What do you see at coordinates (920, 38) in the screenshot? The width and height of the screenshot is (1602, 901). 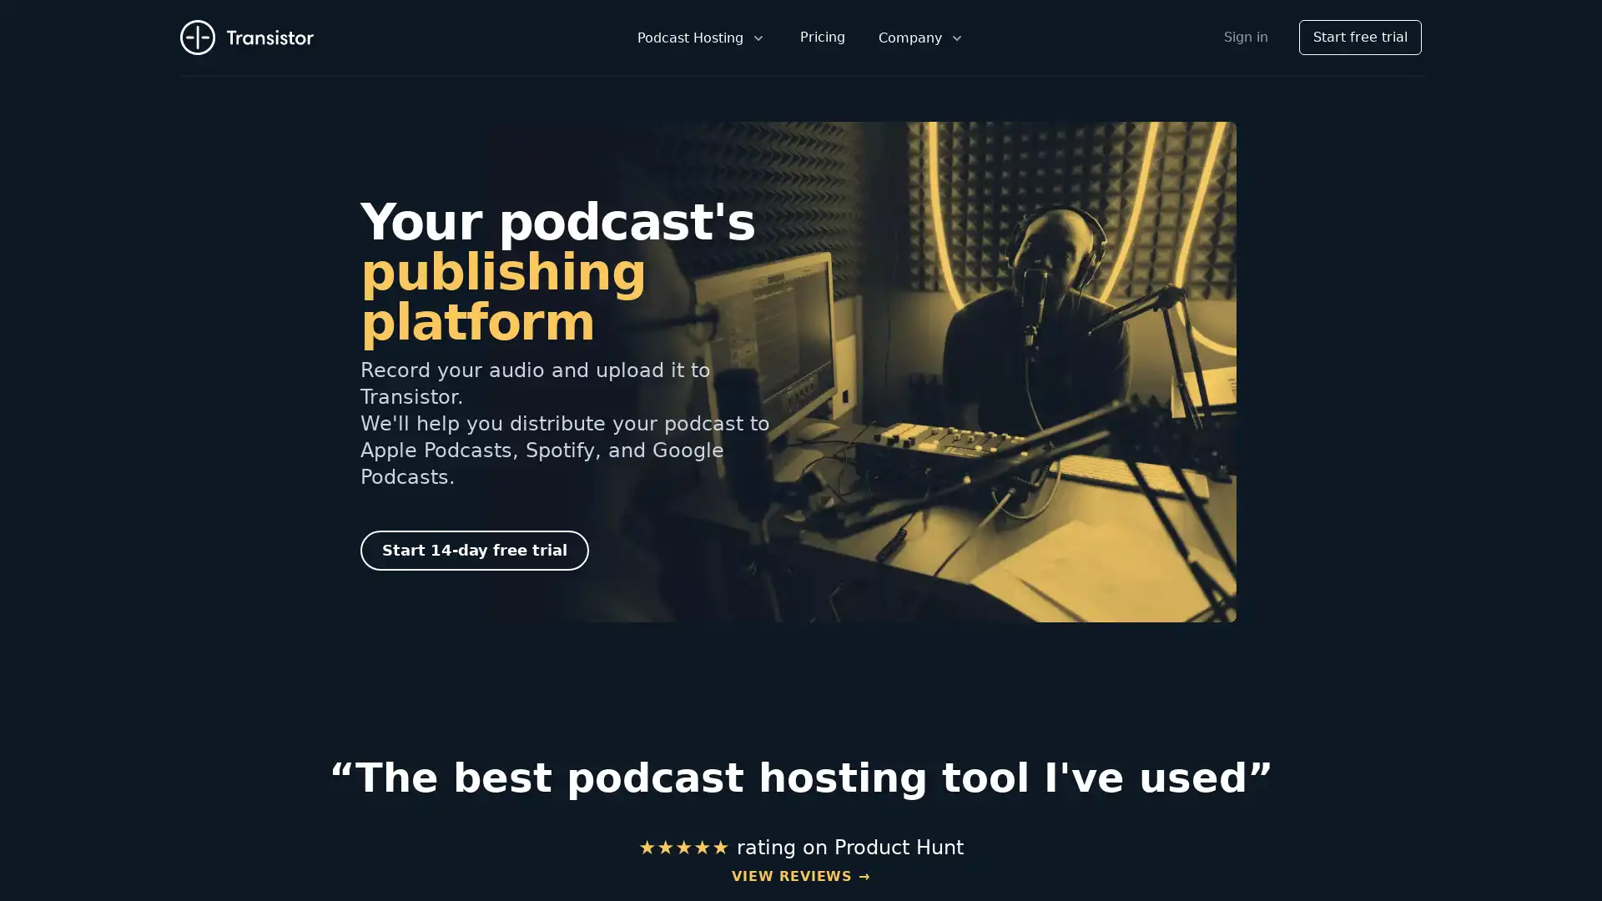 I see `Company` at bounding box center [920, 38].